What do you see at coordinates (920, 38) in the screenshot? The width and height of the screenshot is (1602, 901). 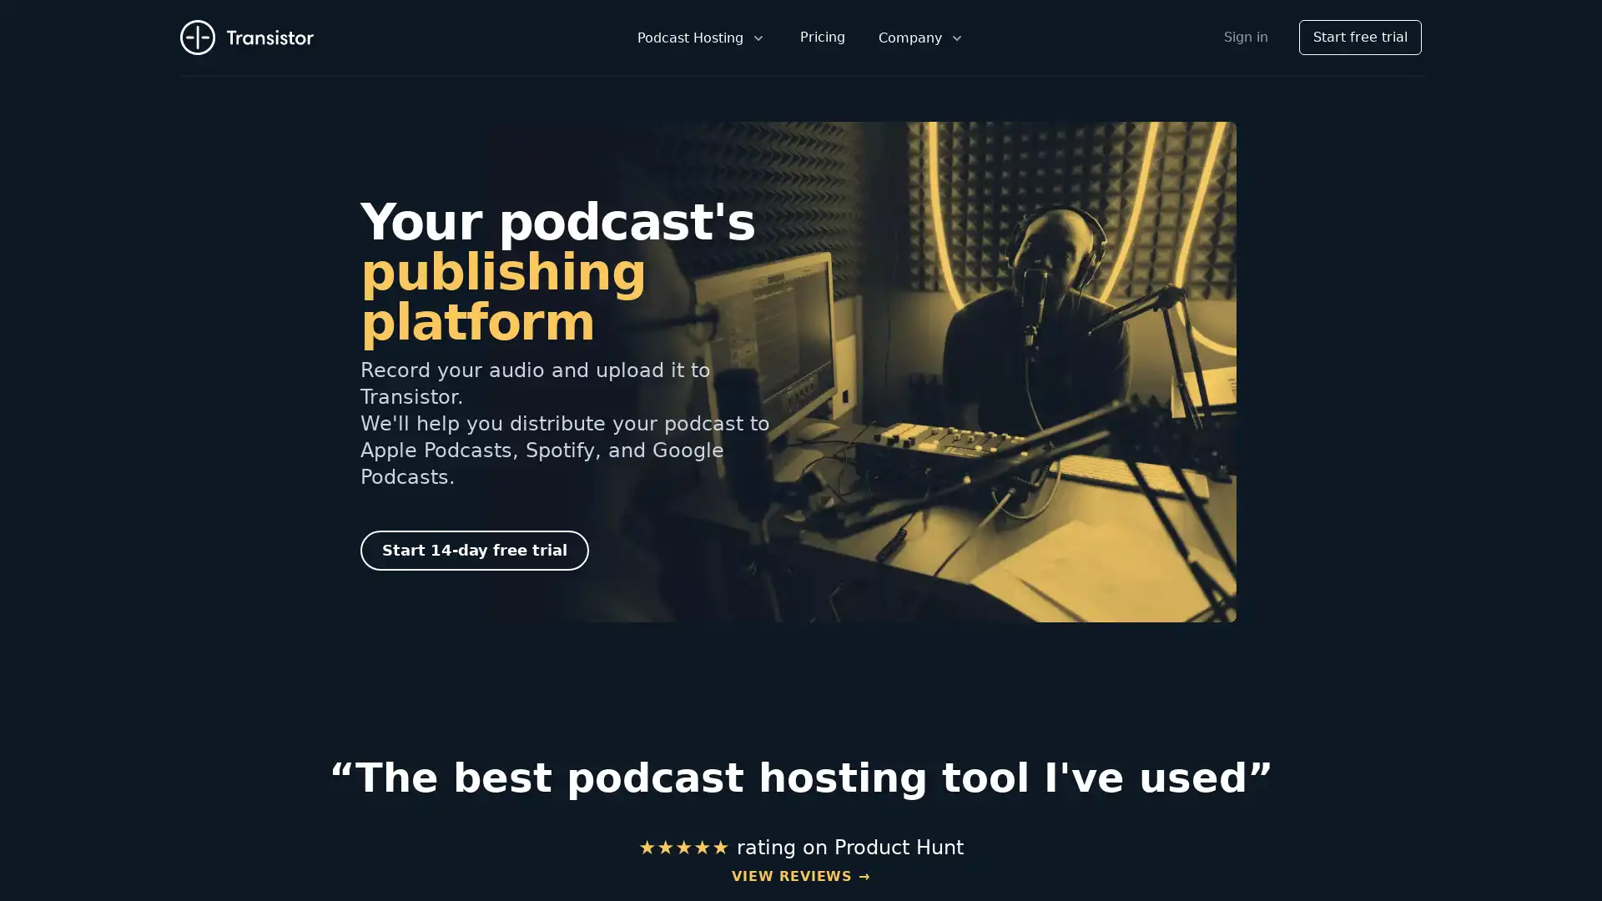 I see `Company` at bounding box center [920, 38].